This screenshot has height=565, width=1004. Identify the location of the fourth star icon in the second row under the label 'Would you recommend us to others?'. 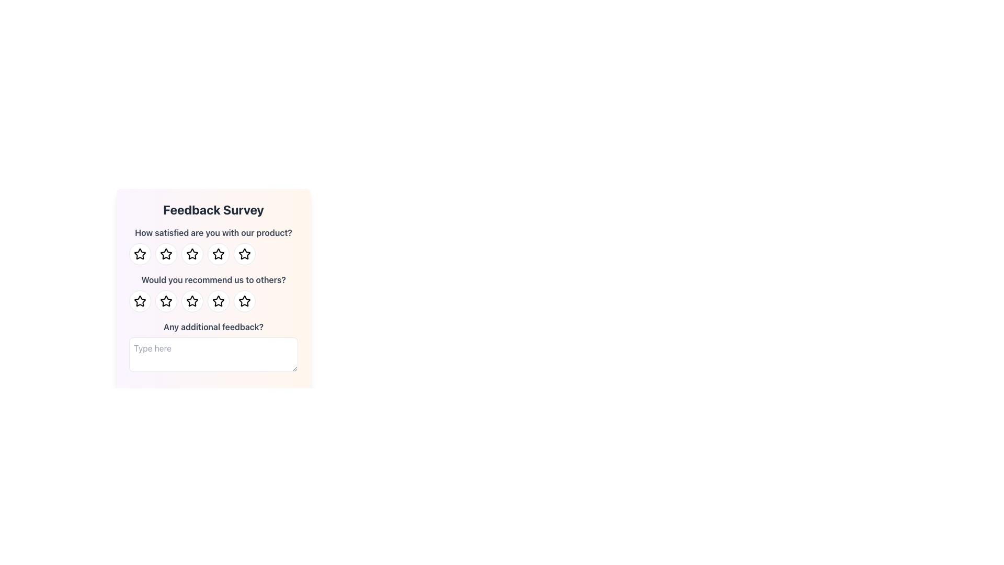
(244, 301).